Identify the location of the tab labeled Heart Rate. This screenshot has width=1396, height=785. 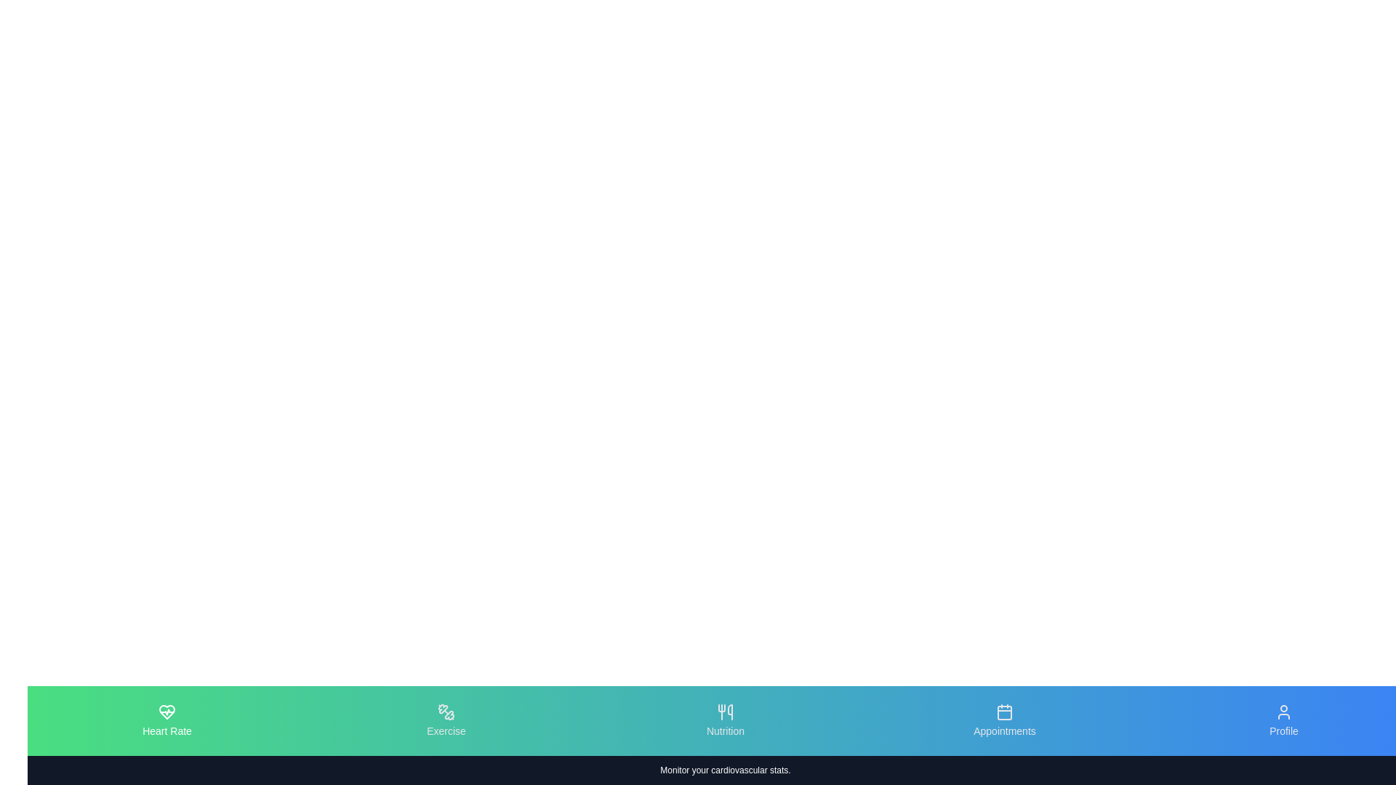
(167, 720).